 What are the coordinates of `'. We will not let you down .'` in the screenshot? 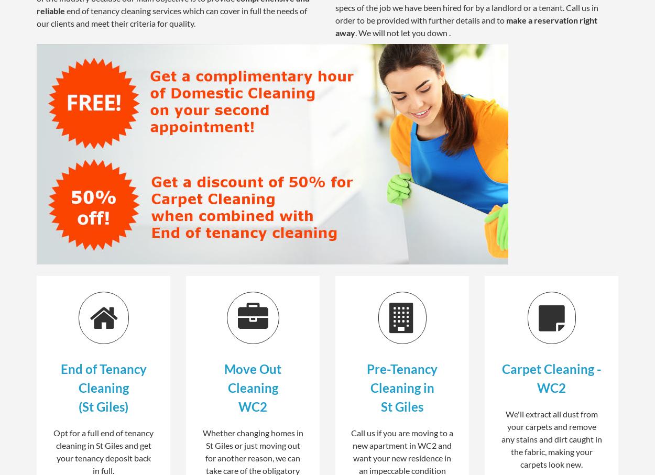 It's located at (355, 32).